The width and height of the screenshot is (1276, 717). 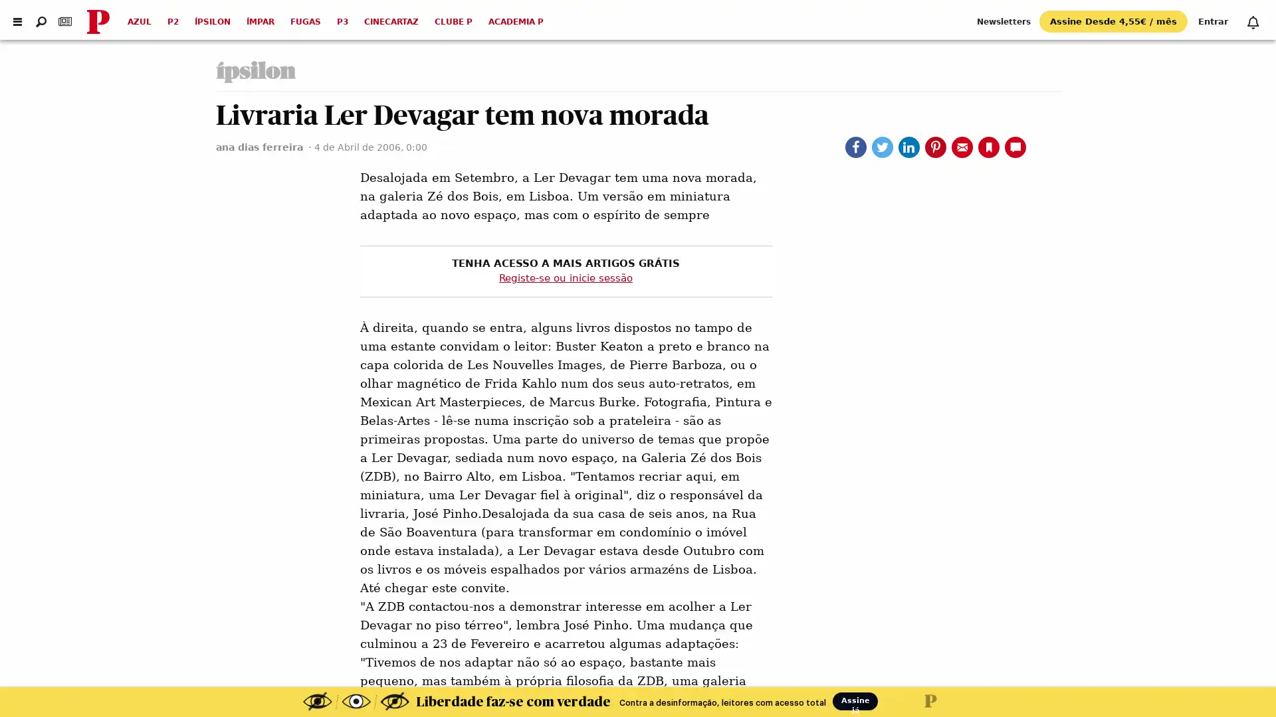 I want to click on Abrir menu, so click(x=17, y=21).